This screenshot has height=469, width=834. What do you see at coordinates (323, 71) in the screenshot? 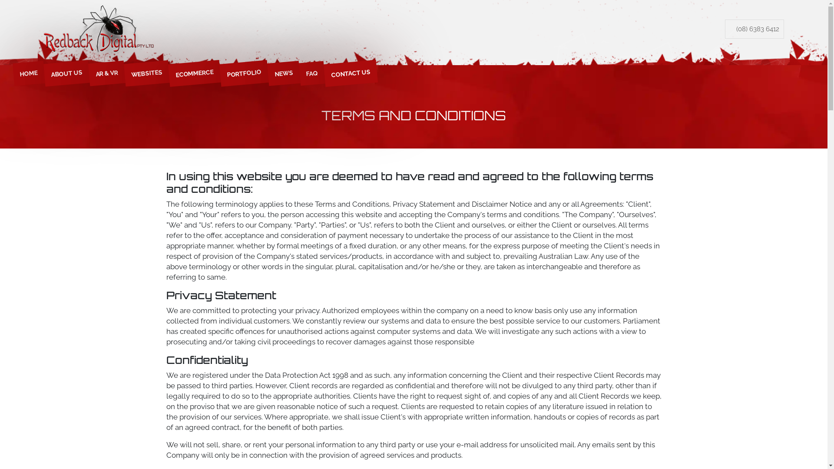
I see `'CONTACT US'` at bounding box center [323, 71].